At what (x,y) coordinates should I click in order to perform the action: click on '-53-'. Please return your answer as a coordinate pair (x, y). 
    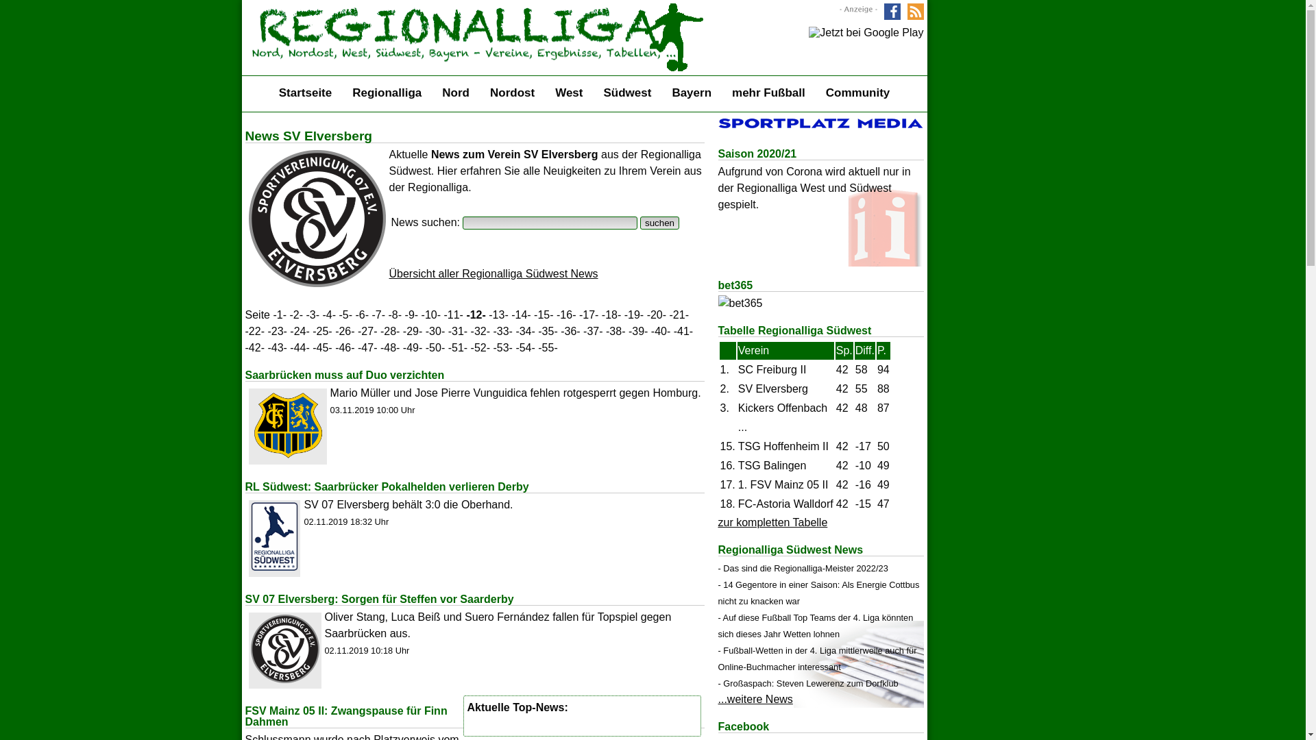
    Looking at the image, I should click on (502, 347).